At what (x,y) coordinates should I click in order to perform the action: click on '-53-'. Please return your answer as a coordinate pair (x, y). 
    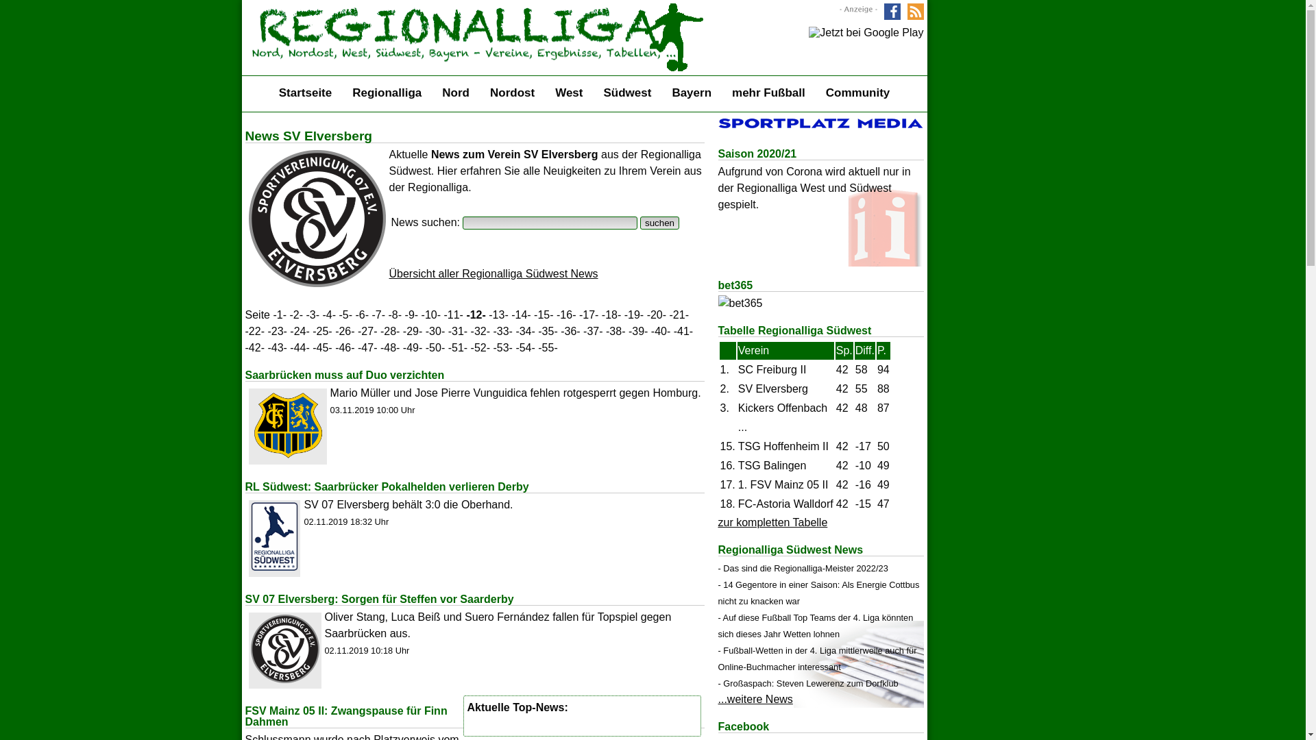
    Looking at the image, I should click on (502, 347).